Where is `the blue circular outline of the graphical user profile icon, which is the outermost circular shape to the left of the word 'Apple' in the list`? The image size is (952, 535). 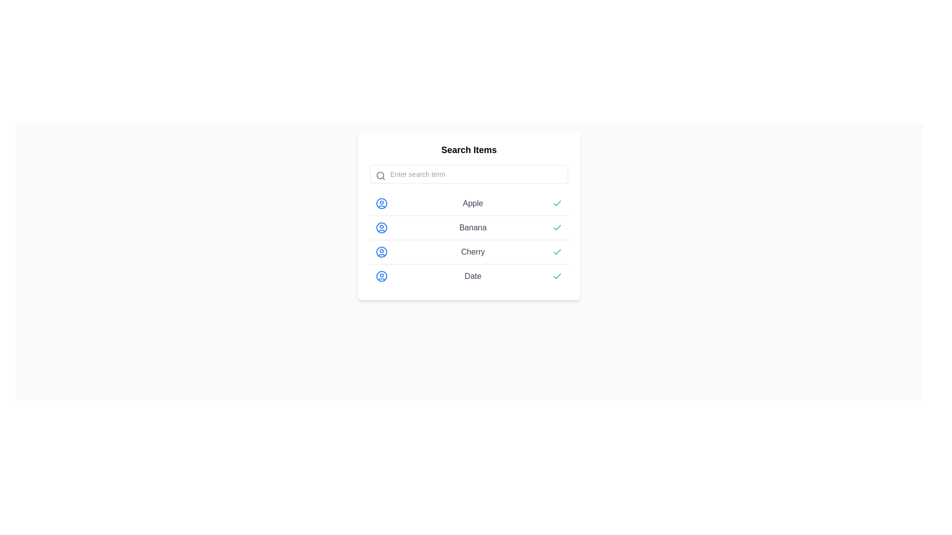
the blue circular outline of the graphical user profile icon, which is the outermost circular shape to the left of the word 'Apple' in the list is located at coordinates (381, 203).